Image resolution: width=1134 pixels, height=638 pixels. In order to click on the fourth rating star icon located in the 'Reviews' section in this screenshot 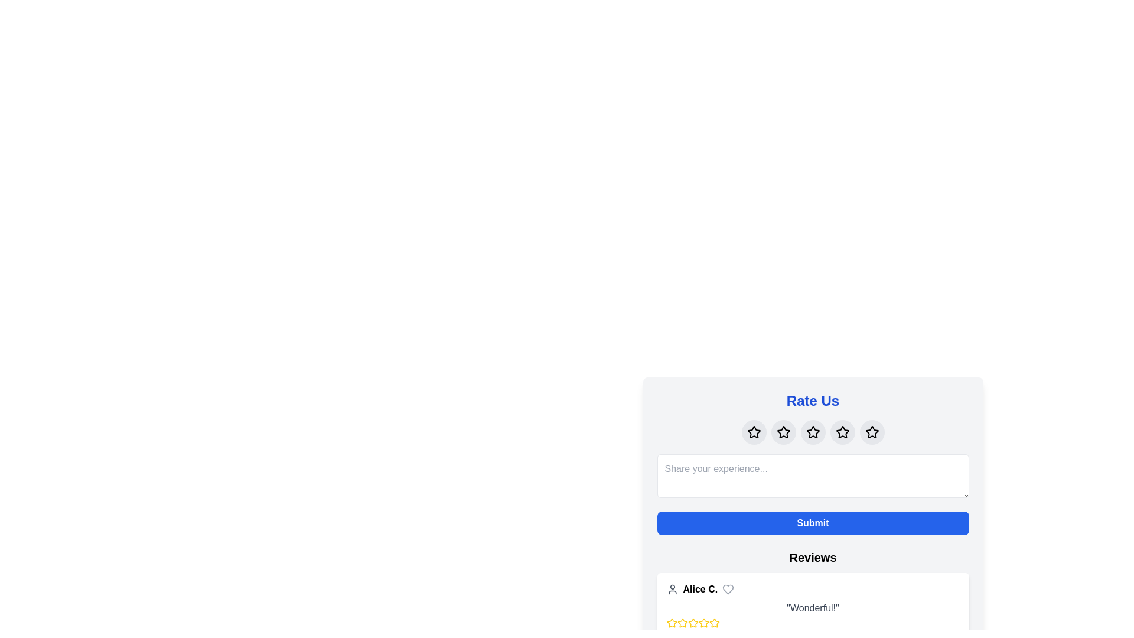, I will do `click(713, 622)`.